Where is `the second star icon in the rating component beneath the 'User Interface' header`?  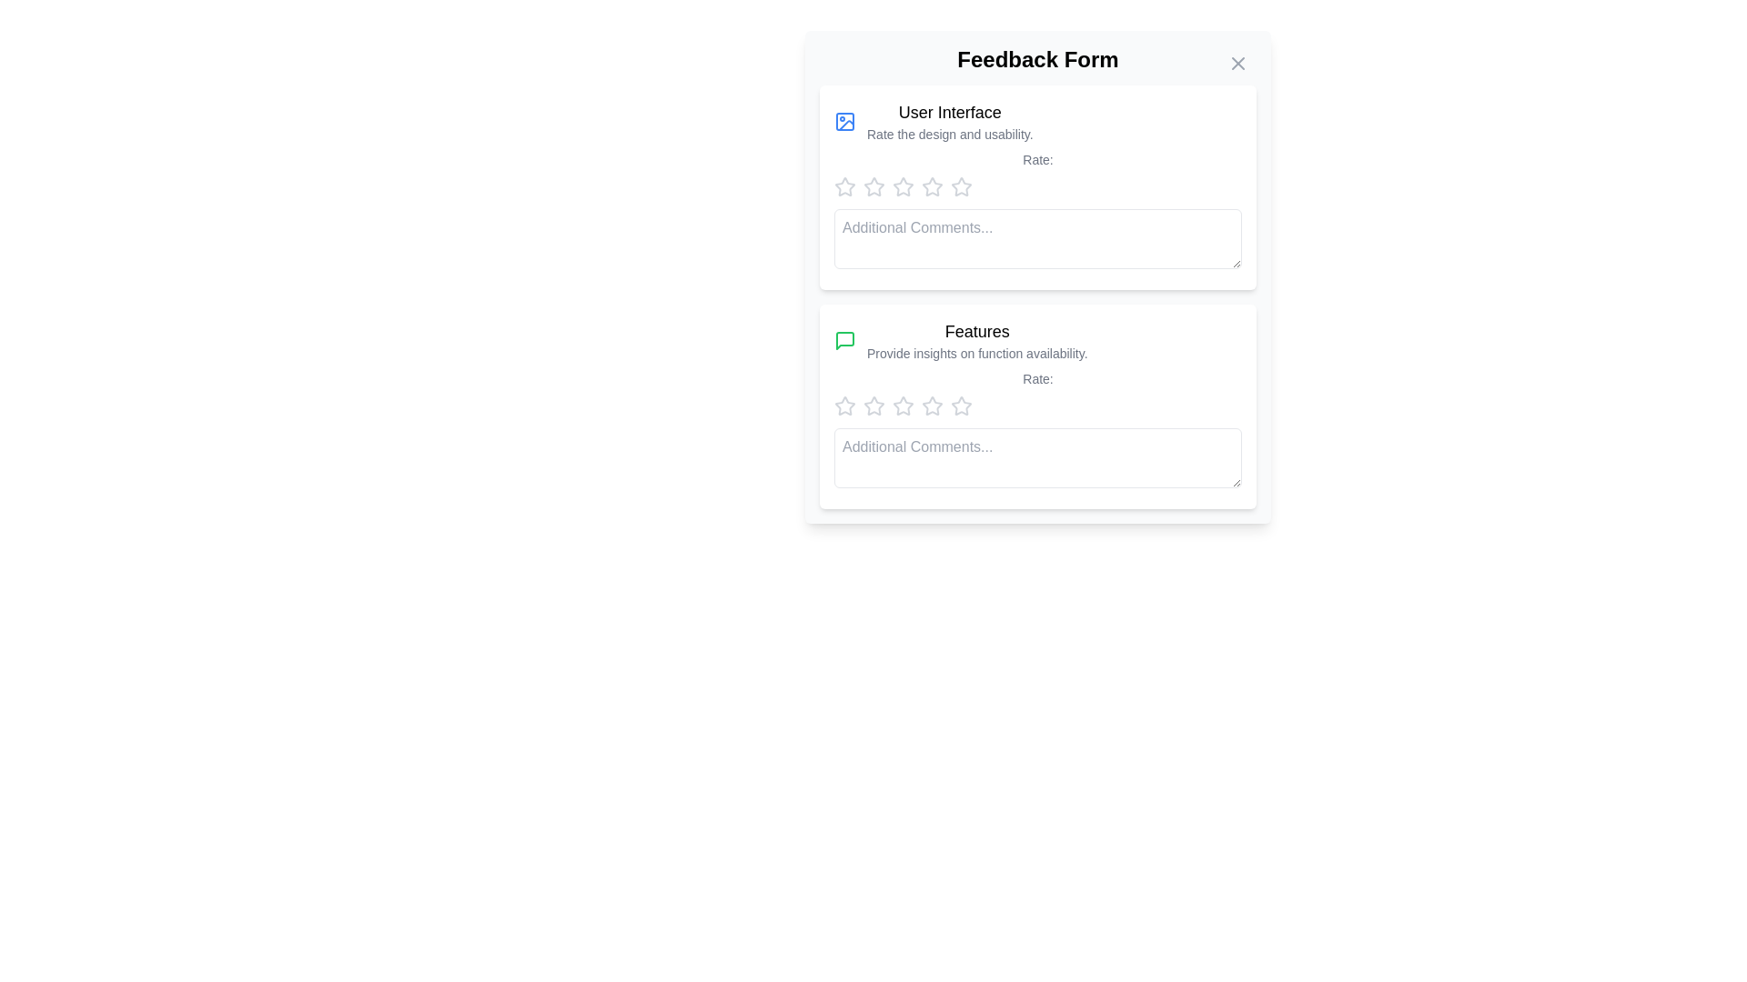 the second star icon in the rating component beneath the 'User Interface' header is located at coordinates (904, 186).